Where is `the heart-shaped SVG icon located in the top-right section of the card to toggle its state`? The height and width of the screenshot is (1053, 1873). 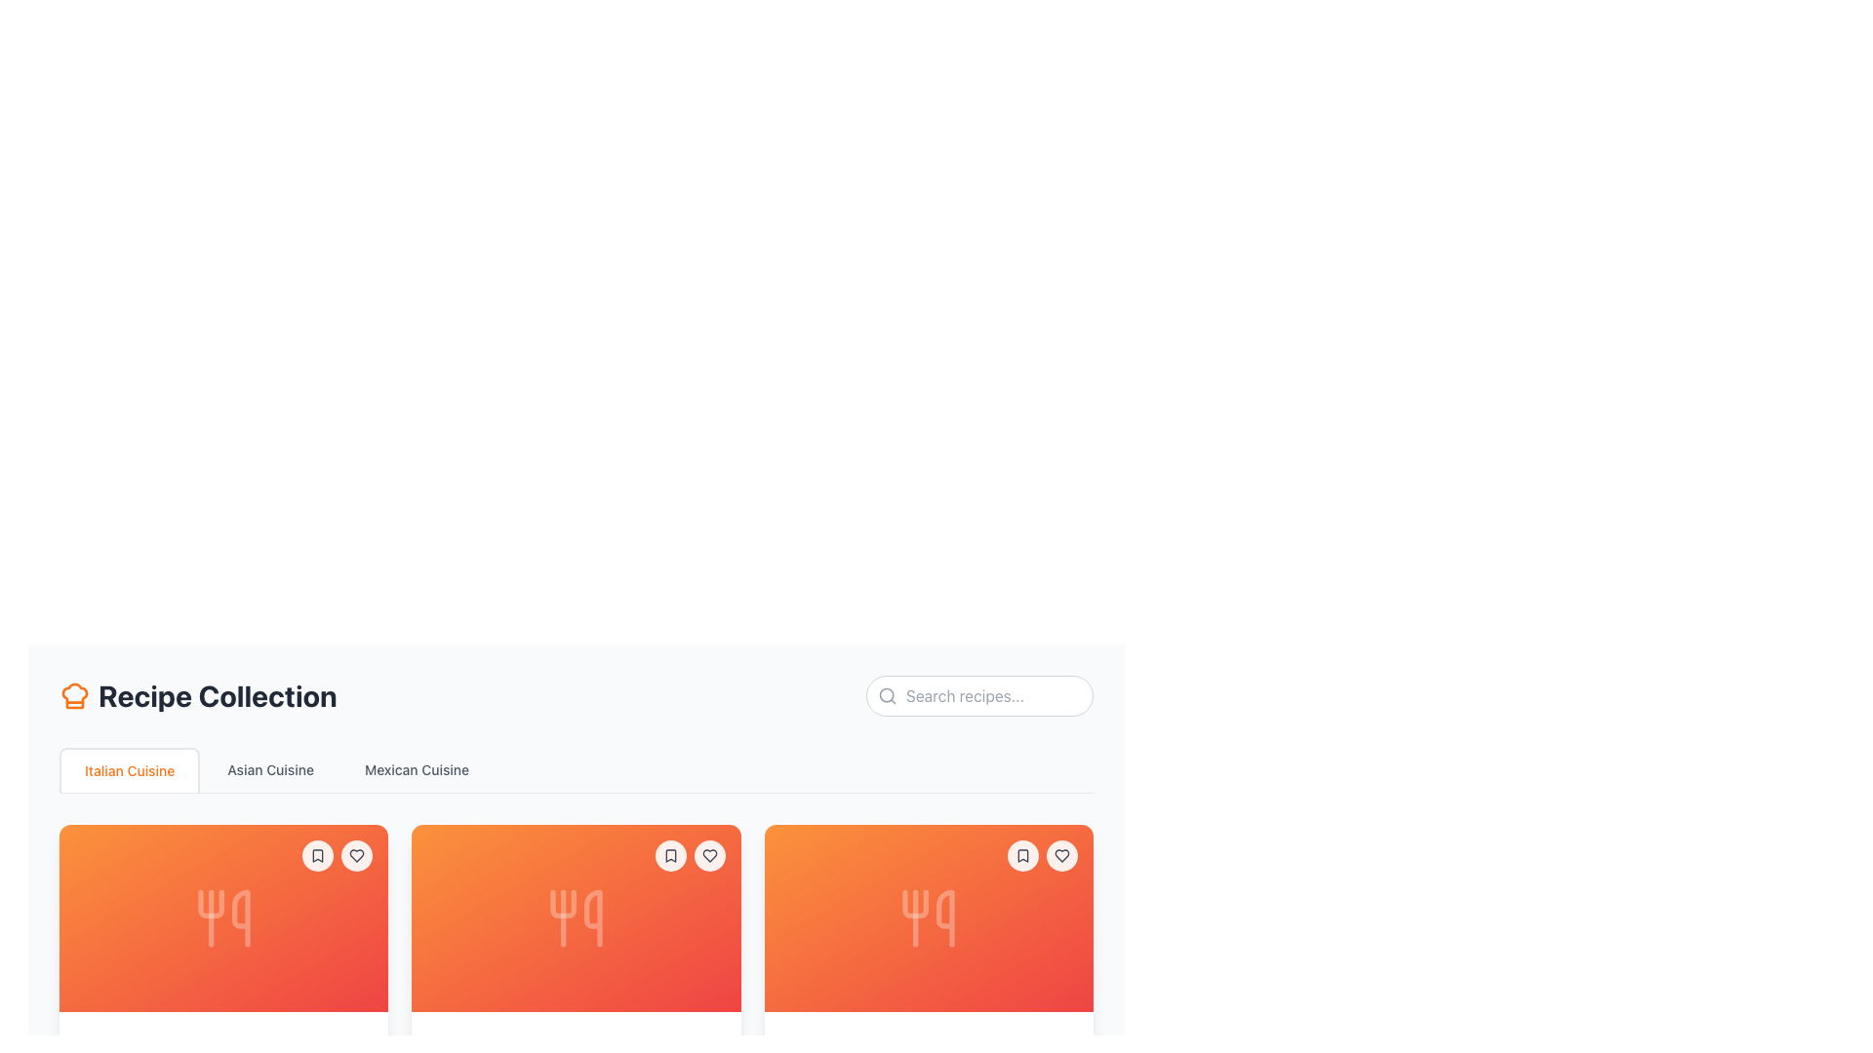
the heart-shaped SVG icon located in the top-right section of the card to toggle its state is located at coordinates (356, 855).